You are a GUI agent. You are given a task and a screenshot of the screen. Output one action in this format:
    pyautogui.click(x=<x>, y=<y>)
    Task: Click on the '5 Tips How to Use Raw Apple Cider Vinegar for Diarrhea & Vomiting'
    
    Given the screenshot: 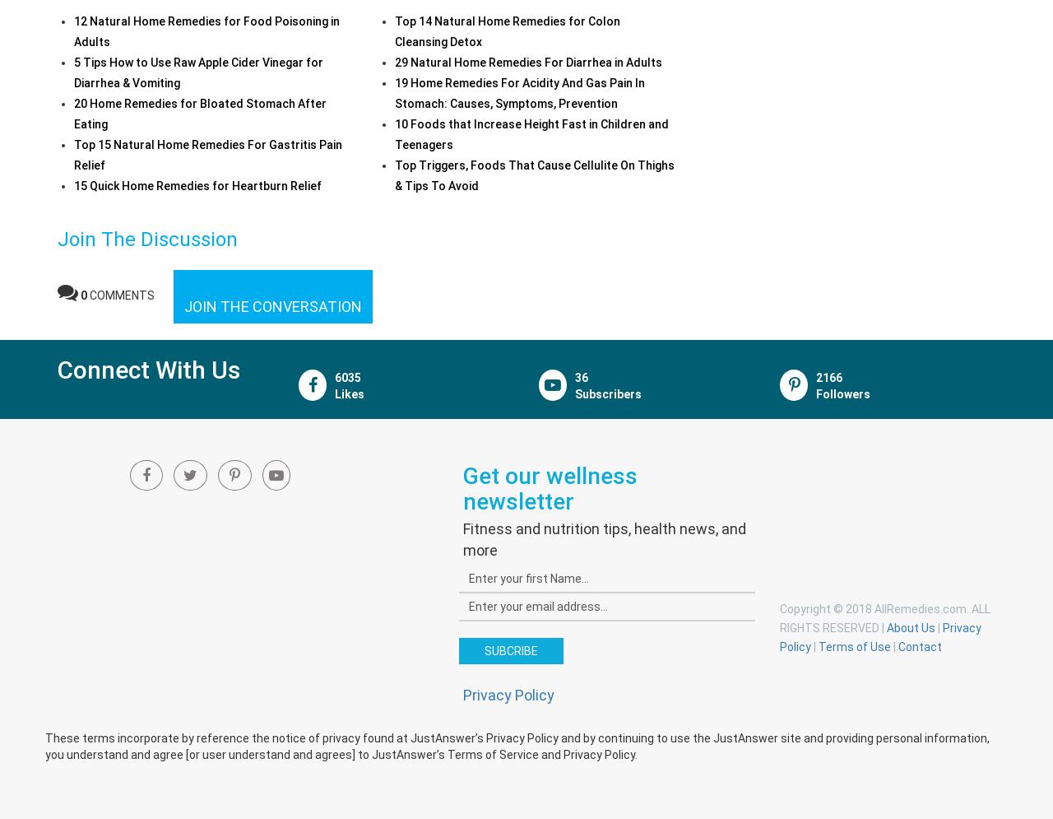 What is the action you would take?
    pyautogui.click(x=197, y=72)
    